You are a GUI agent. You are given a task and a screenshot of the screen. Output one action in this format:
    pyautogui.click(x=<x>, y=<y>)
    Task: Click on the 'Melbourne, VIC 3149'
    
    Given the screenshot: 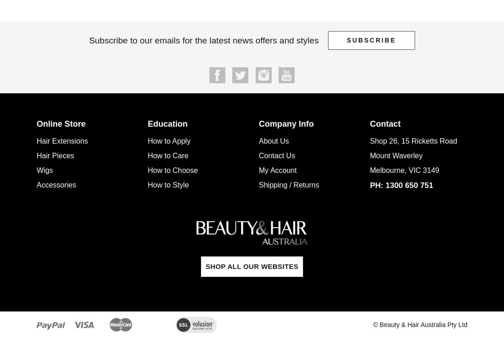 What is the action you would take?
    pyautogui.click(x=404, y=170)
    